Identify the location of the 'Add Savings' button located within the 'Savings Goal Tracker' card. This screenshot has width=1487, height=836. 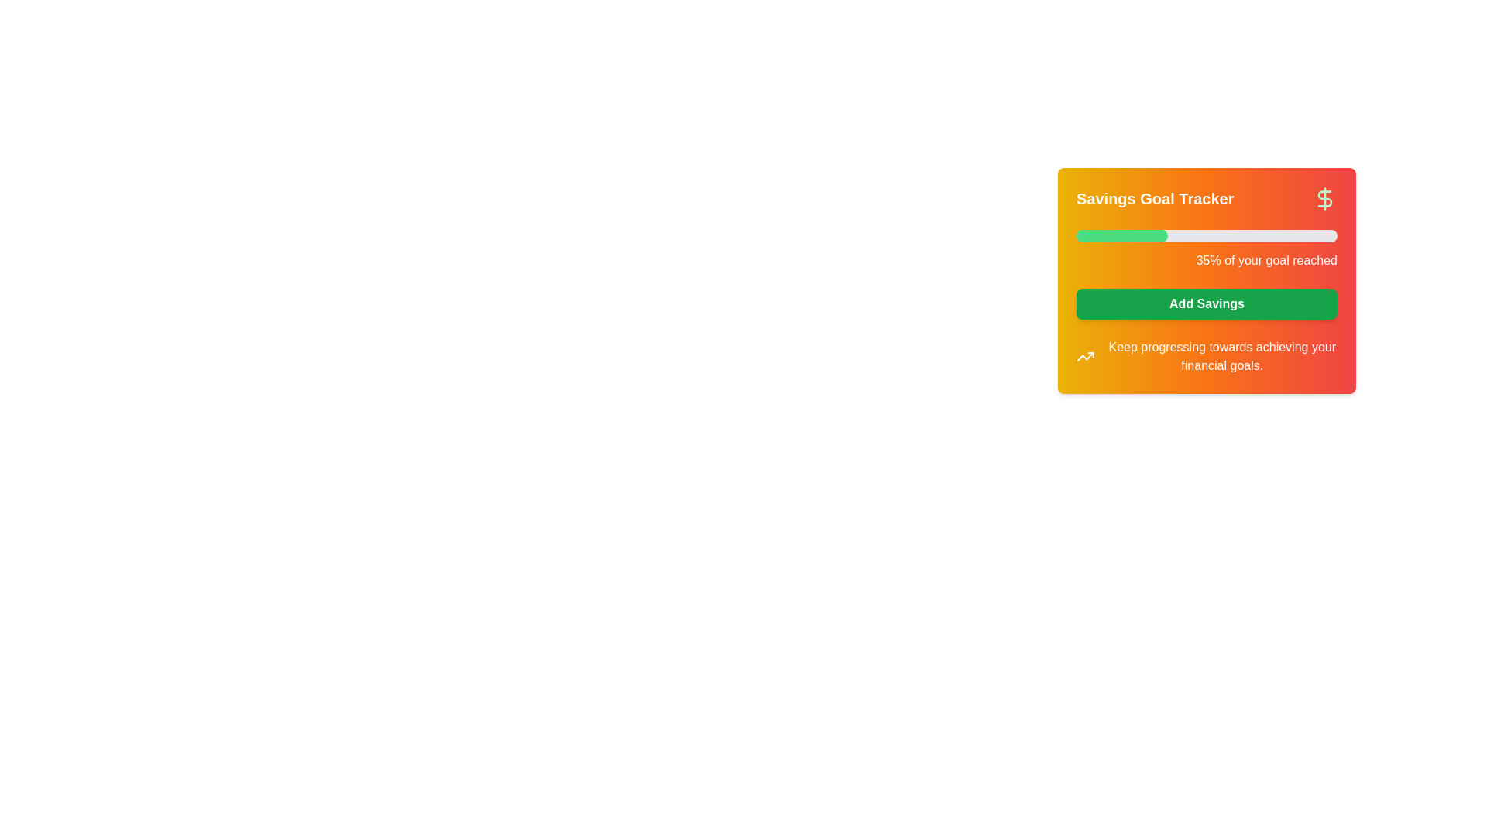
(1206, 280).